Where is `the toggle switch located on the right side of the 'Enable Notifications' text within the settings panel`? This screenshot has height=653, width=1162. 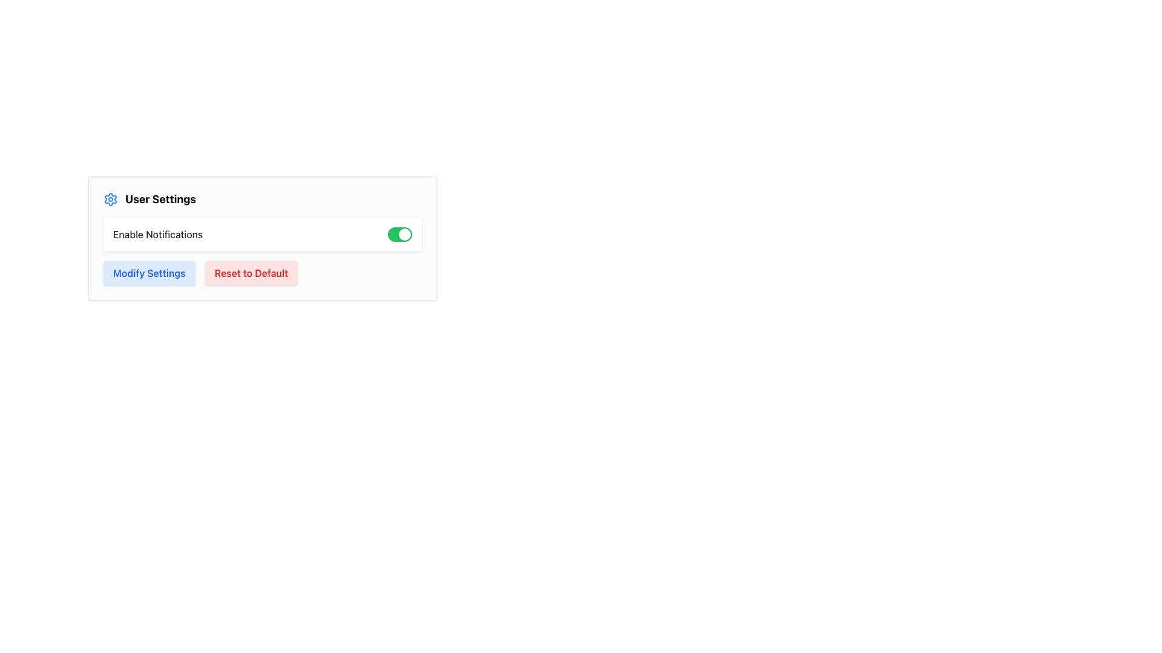
the toggle switch located on the right side of the 'Enable Notifications' text within the settings panel is located at coordinates (400, 235).